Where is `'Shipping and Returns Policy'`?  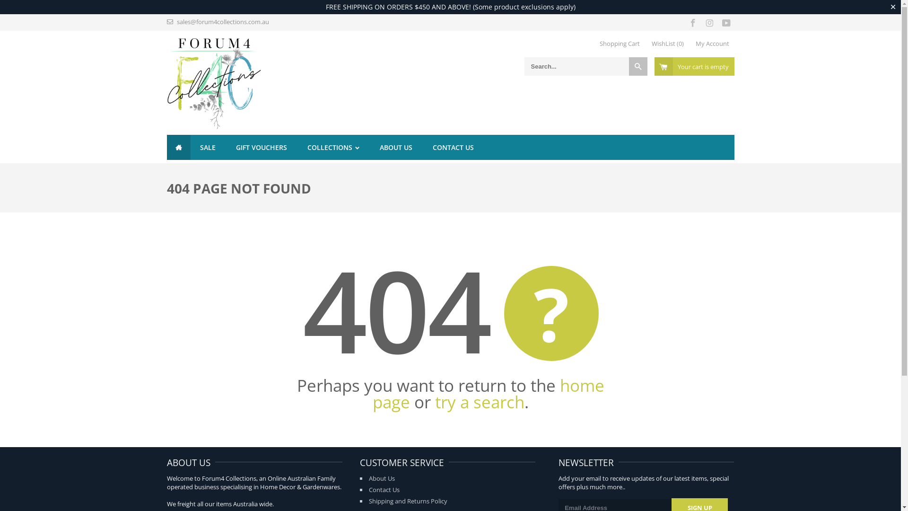 'Shipping and Returns Policy' is located at coordinates (408, 501).